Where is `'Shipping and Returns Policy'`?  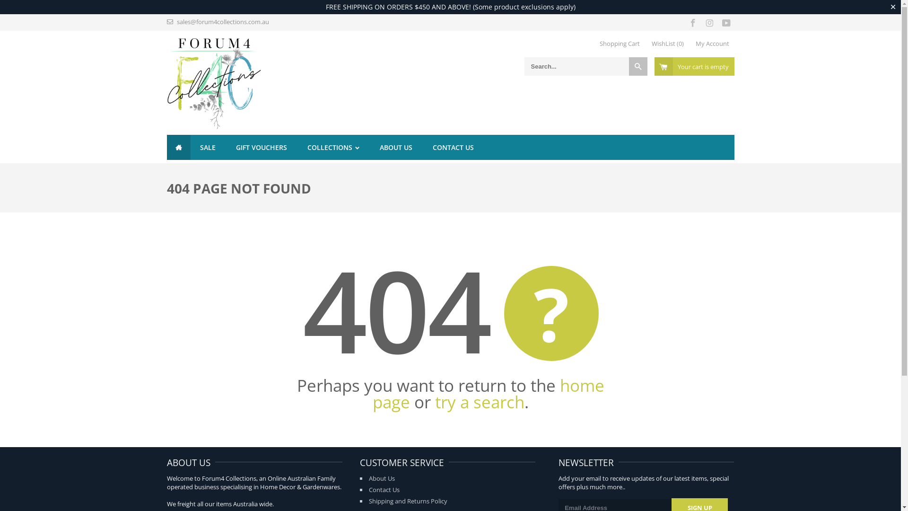 'Shipping and Returns Policy' is located at coordinates (408, 501).